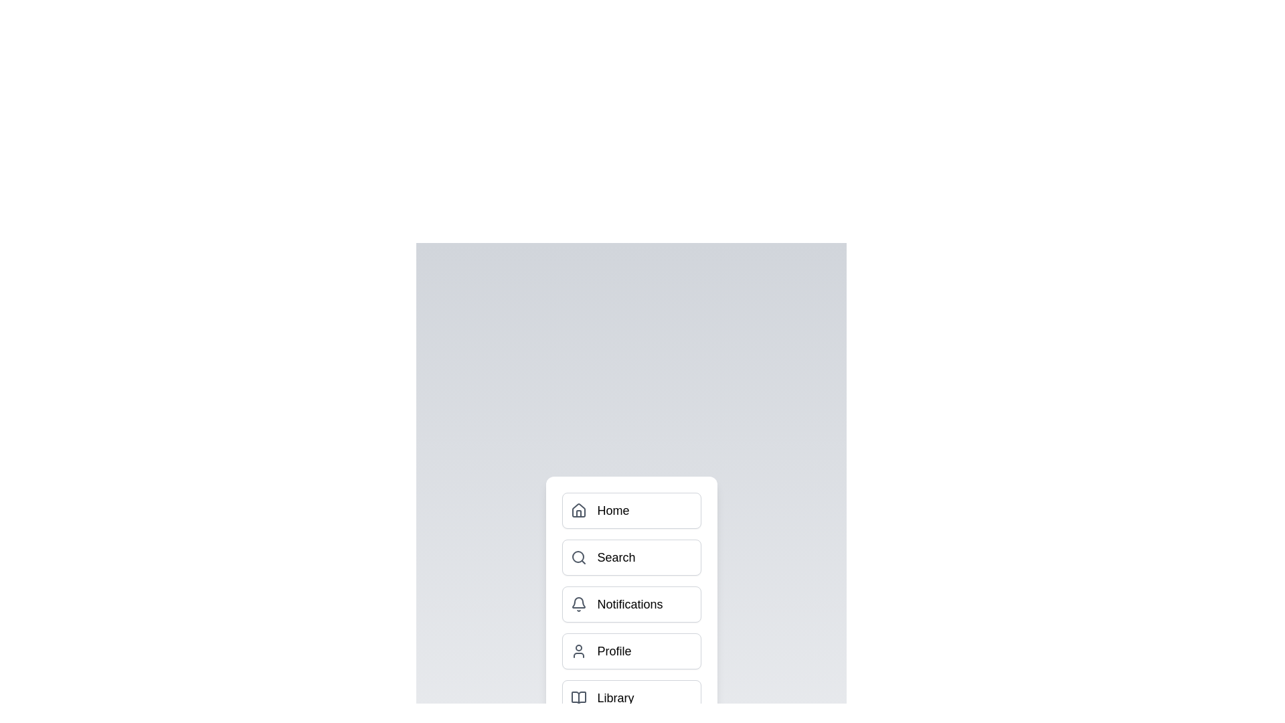 Image resolution: width=1285 pixels, height=723 pixels. What do you see at coordinates (630, 604) in the screenshot?
I see `the menu item button labeled Notifications to toggle its submenu` at bounding box center [630, 604].